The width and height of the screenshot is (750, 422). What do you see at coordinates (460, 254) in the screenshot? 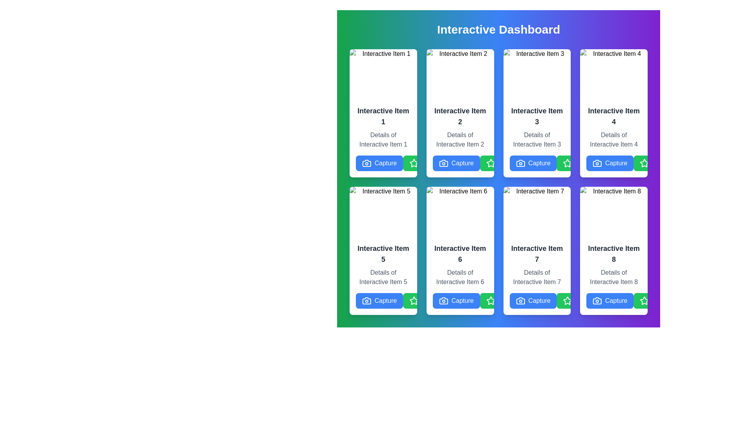
I see `the static text component titled 'Interactive Item 6' located in the sixth card of the grid layout, which serves as the title for the associated card` at bounding box center [460, 254].